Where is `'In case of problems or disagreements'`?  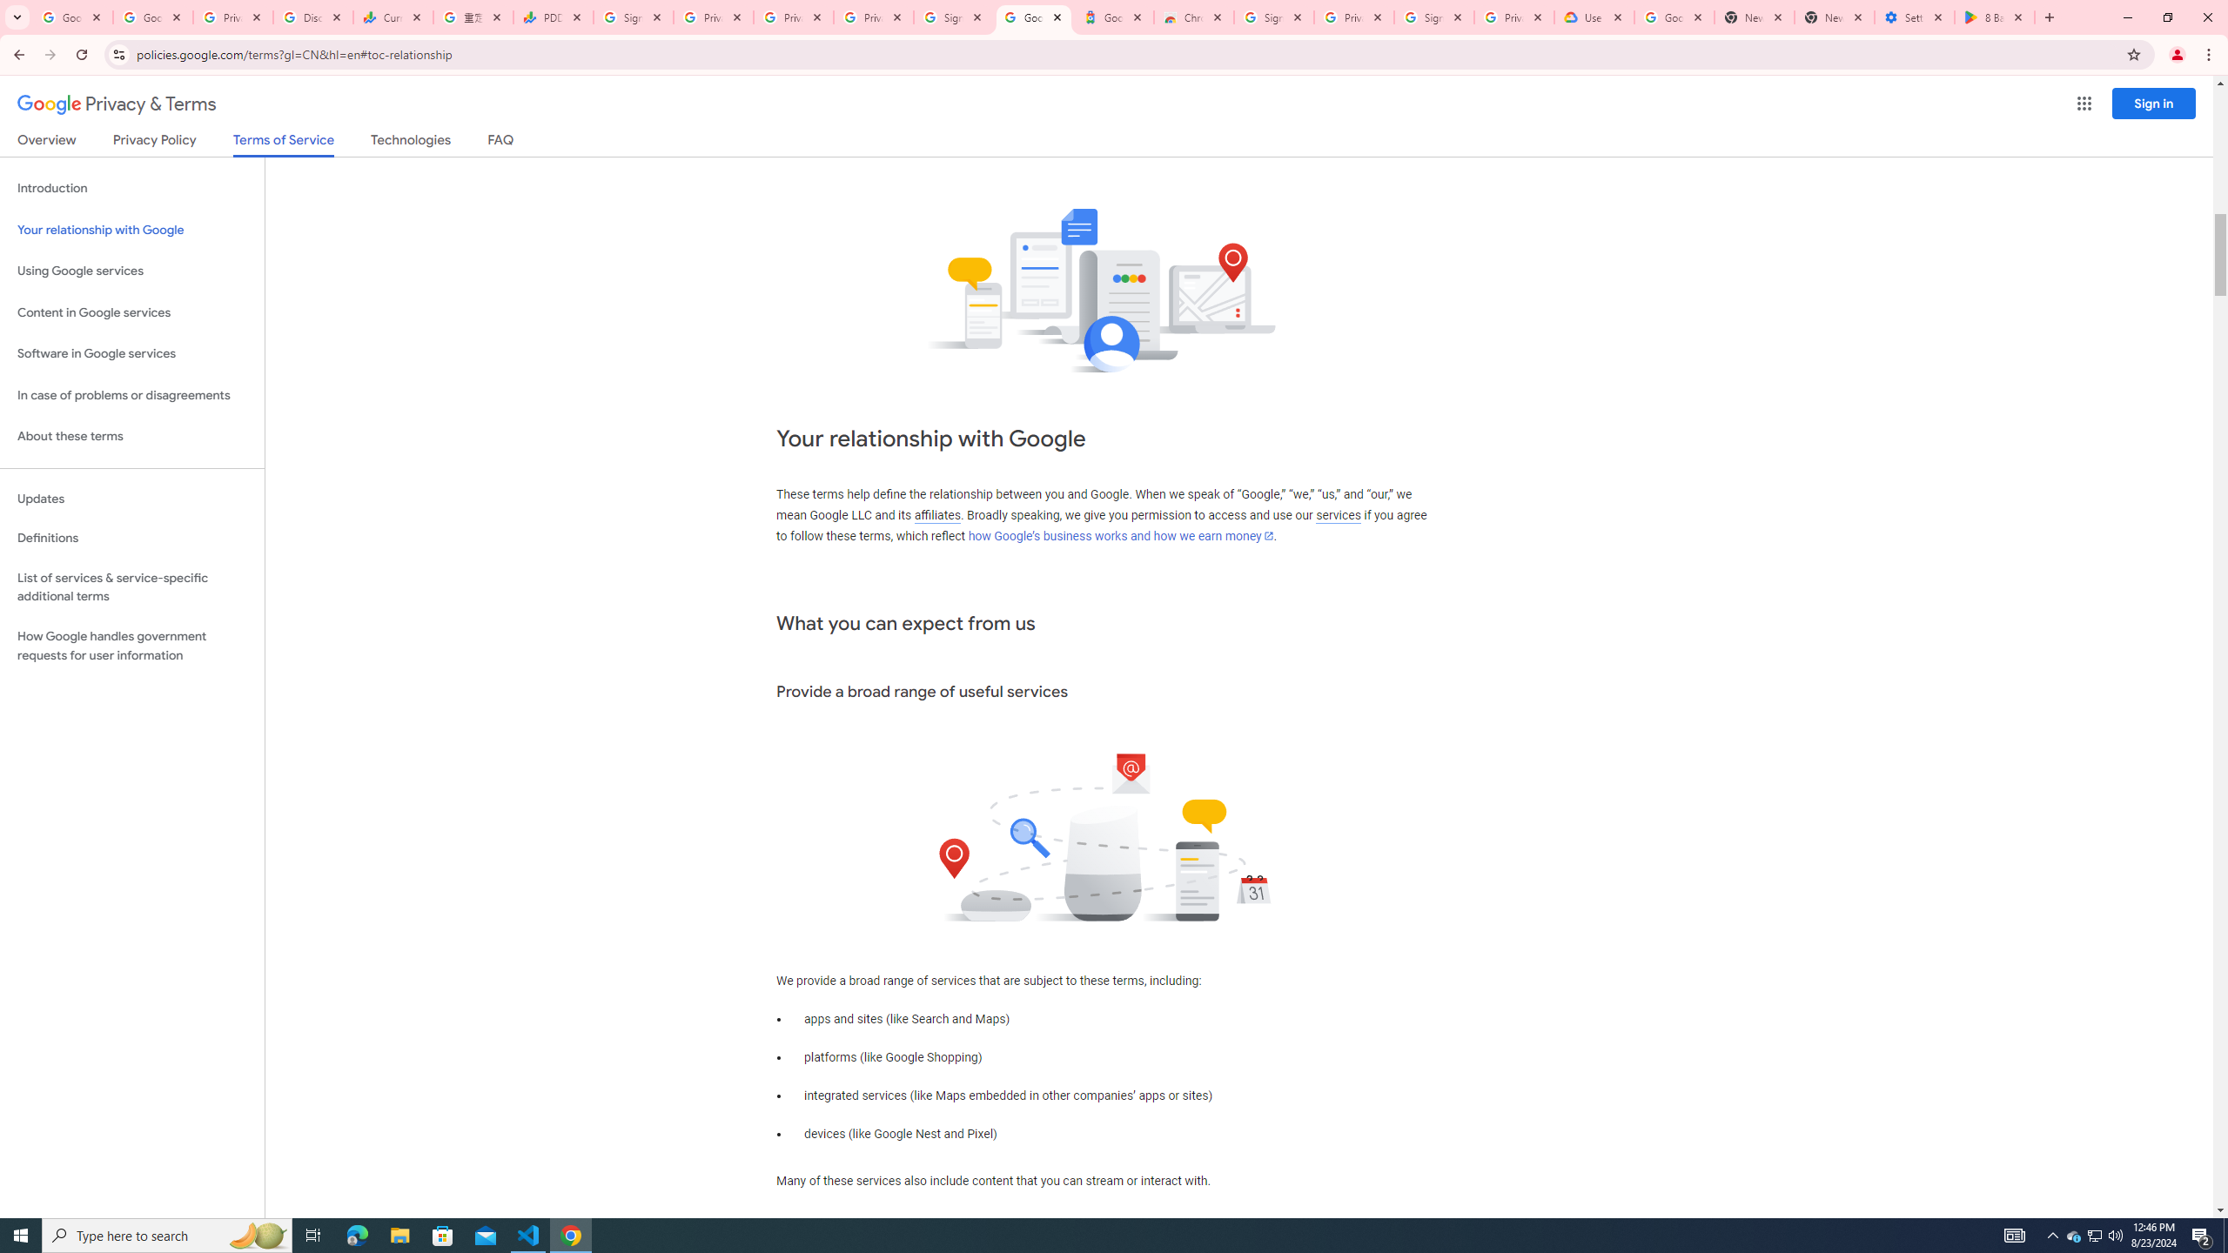
'In case of problems or disagreements' is located at coordinates (131, 396).